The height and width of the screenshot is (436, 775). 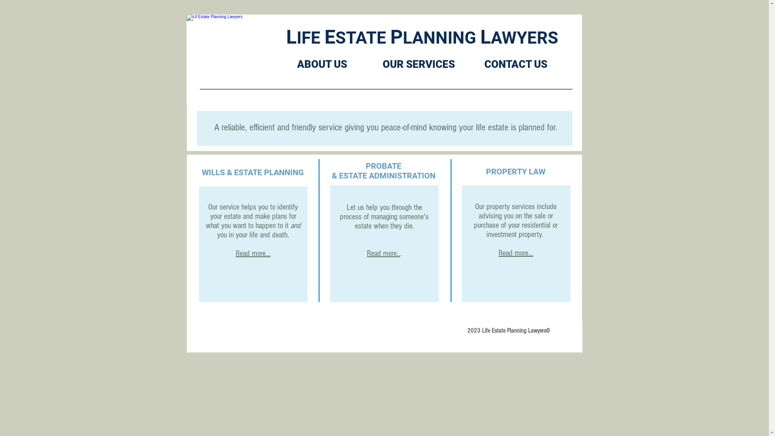 I want to click on 'STATE', so click(x=362, y=38).